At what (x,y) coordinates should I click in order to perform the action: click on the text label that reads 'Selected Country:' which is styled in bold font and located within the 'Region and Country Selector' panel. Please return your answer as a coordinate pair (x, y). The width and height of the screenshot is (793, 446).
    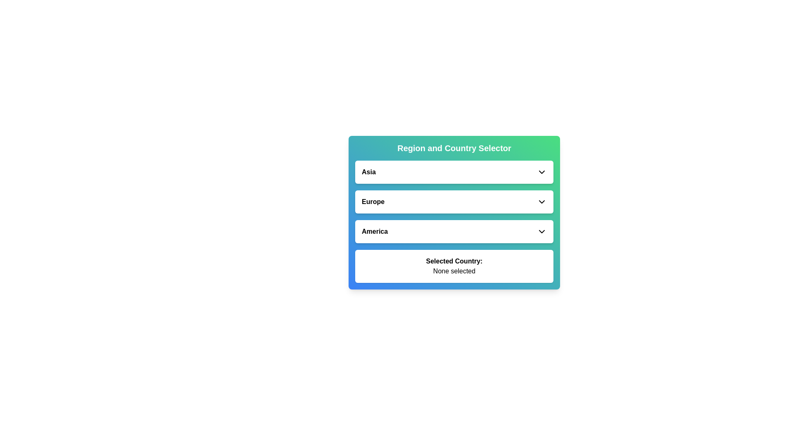
    Looking at the image, I should click on (453, 261).